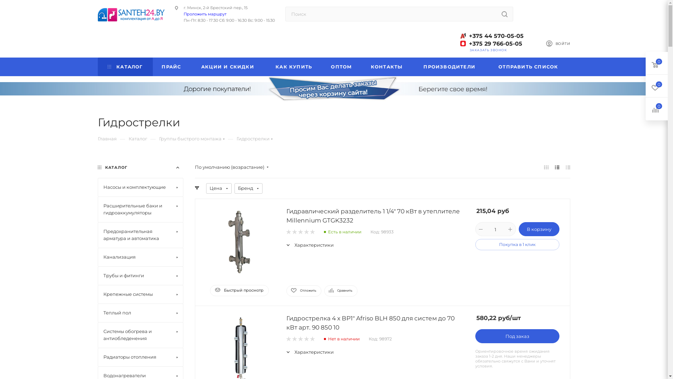 The width and height of the screenshot is (673, 379). Describe the element at coordinates (496, 42) in the screenshot. I see `'+375 44 570-05-05'` at that location.